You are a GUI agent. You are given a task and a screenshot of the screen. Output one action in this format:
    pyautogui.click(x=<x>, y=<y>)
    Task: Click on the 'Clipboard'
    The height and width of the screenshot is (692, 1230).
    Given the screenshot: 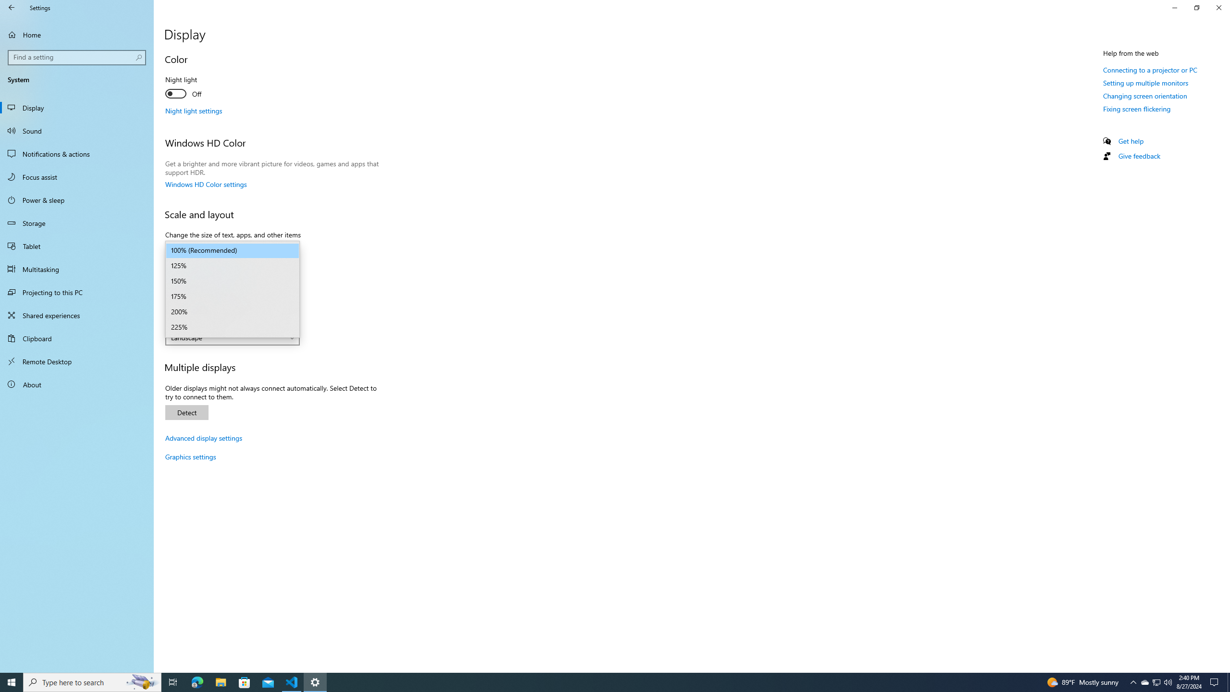 What is the action you would take?
    pyautogui.click(x=76, y=338)
    